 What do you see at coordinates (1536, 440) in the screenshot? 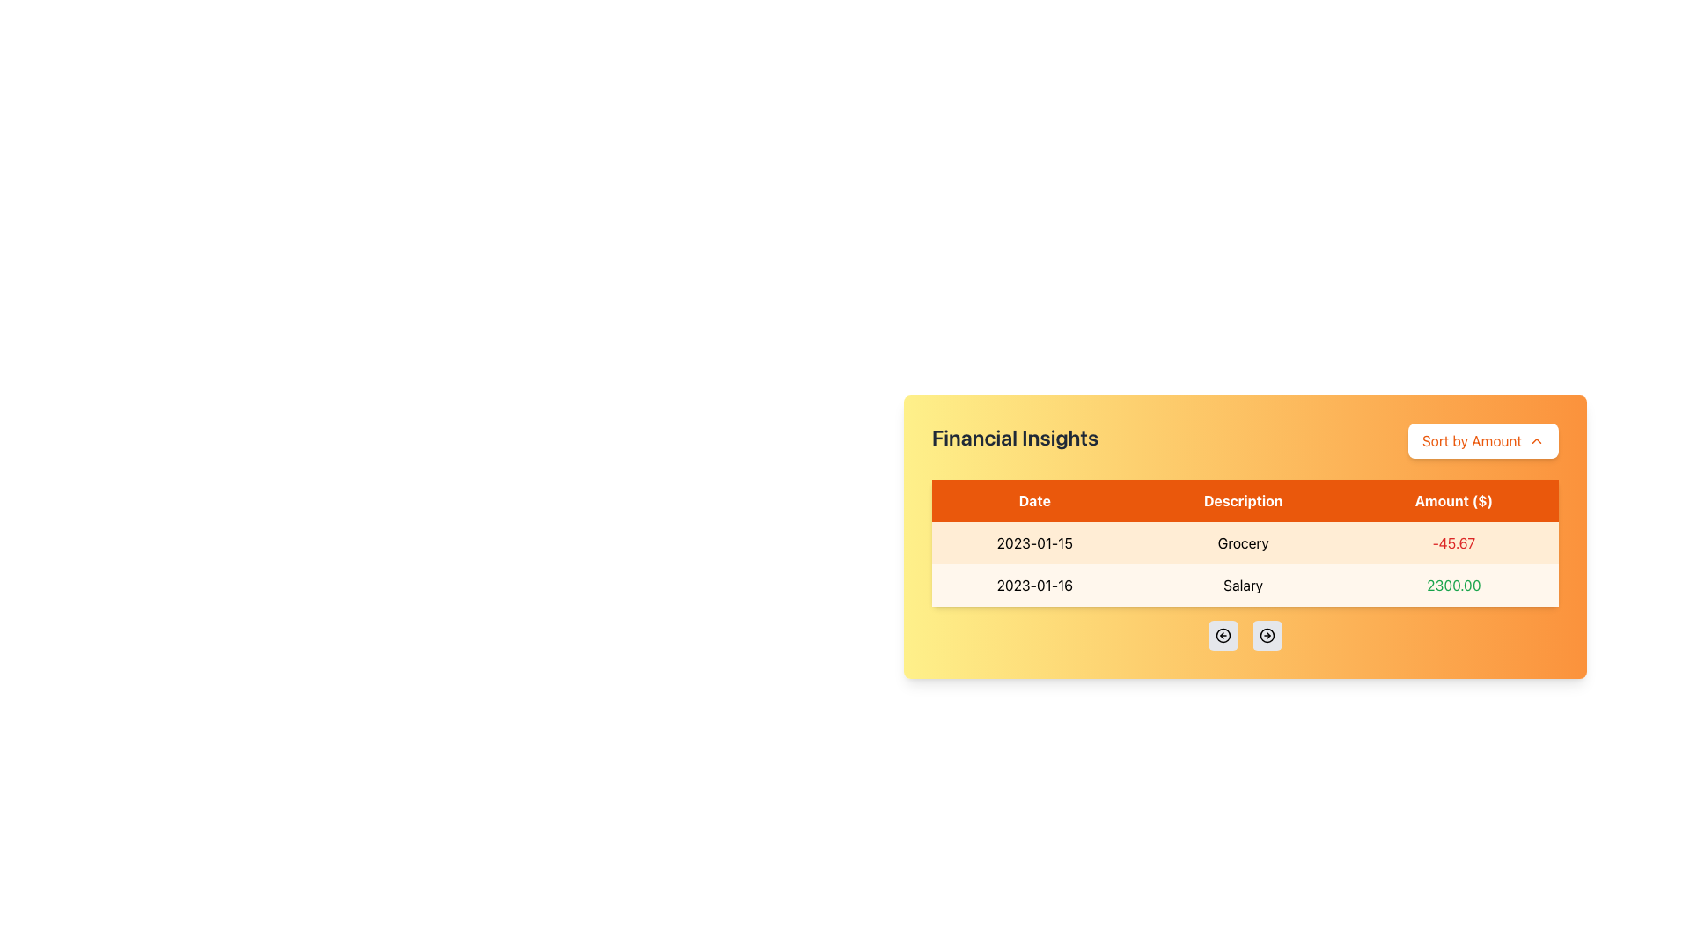
I see `the small upward-pointing chevron icon located to the right of the 'Sort by Amount' button near the upper-right corner of the layout` at bounding box center [1536, 440].